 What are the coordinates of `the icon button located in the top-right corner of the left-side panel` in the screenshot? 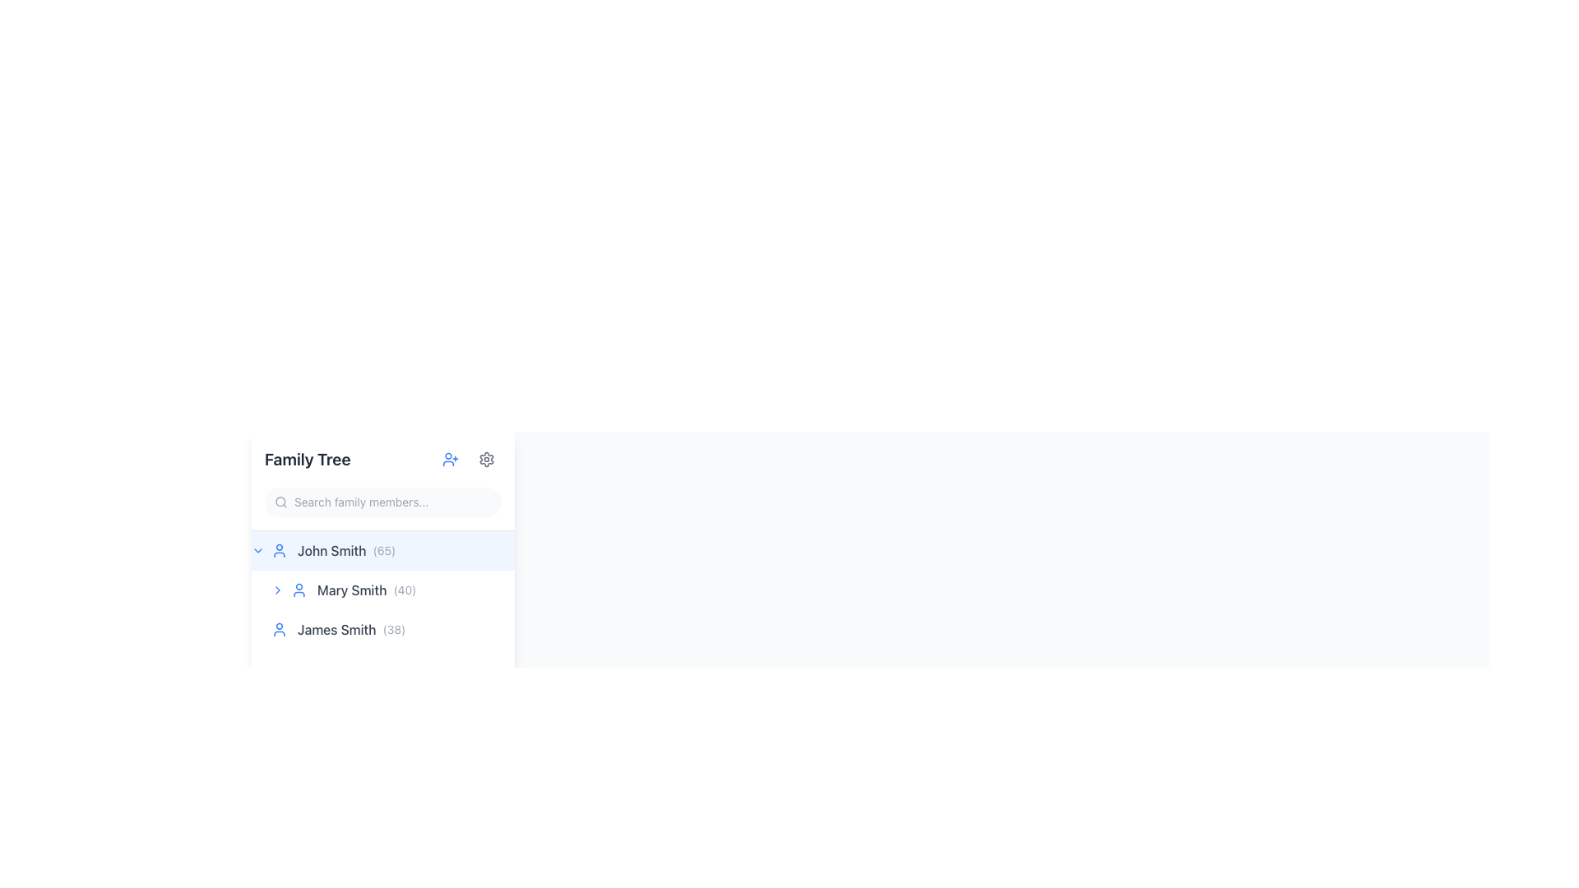 It's located at (450, 460).